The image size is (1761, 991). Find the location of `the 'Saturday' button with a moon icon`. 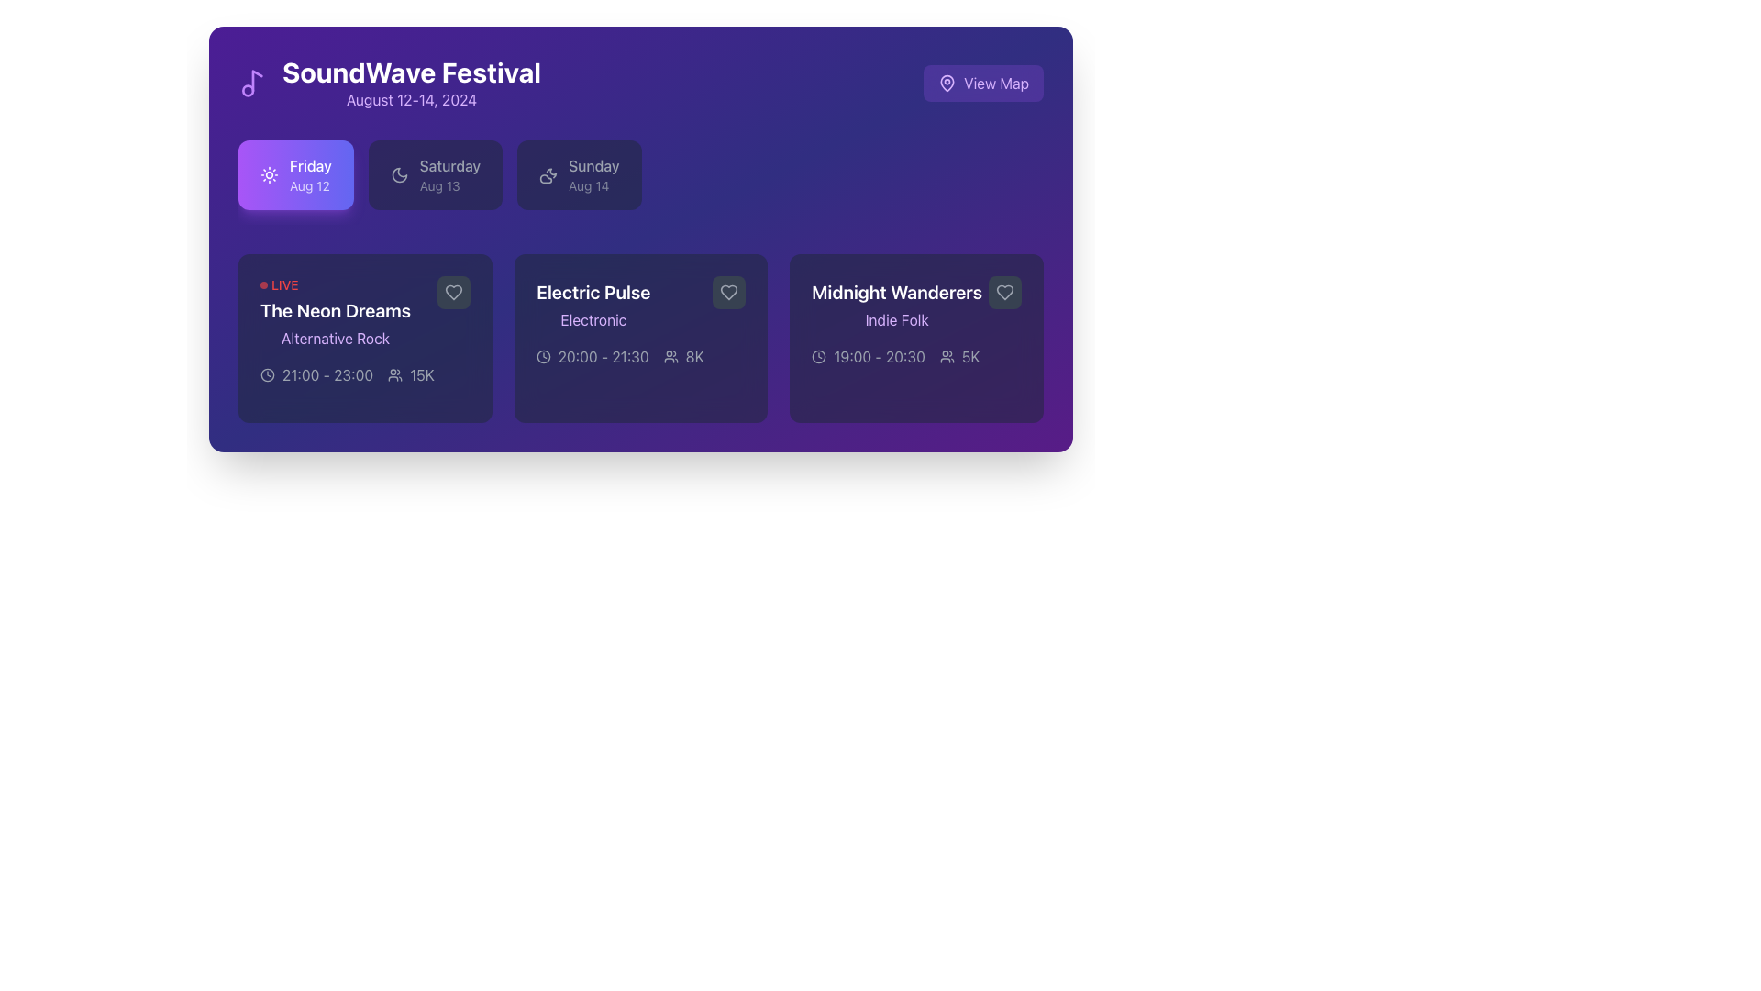

the 'Saturday' button with a moon icon is located at coordinates (435, 175).